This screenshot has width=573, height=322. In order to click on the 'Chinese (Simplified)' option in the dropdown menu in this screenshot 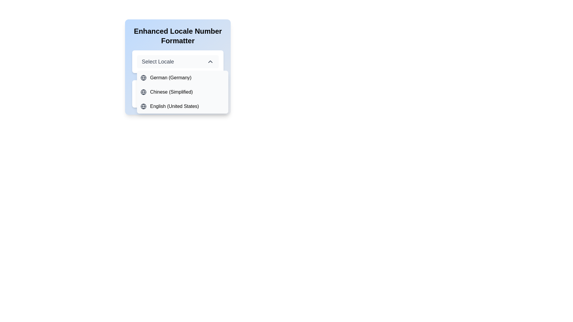, I will do `click(182, 92)`.